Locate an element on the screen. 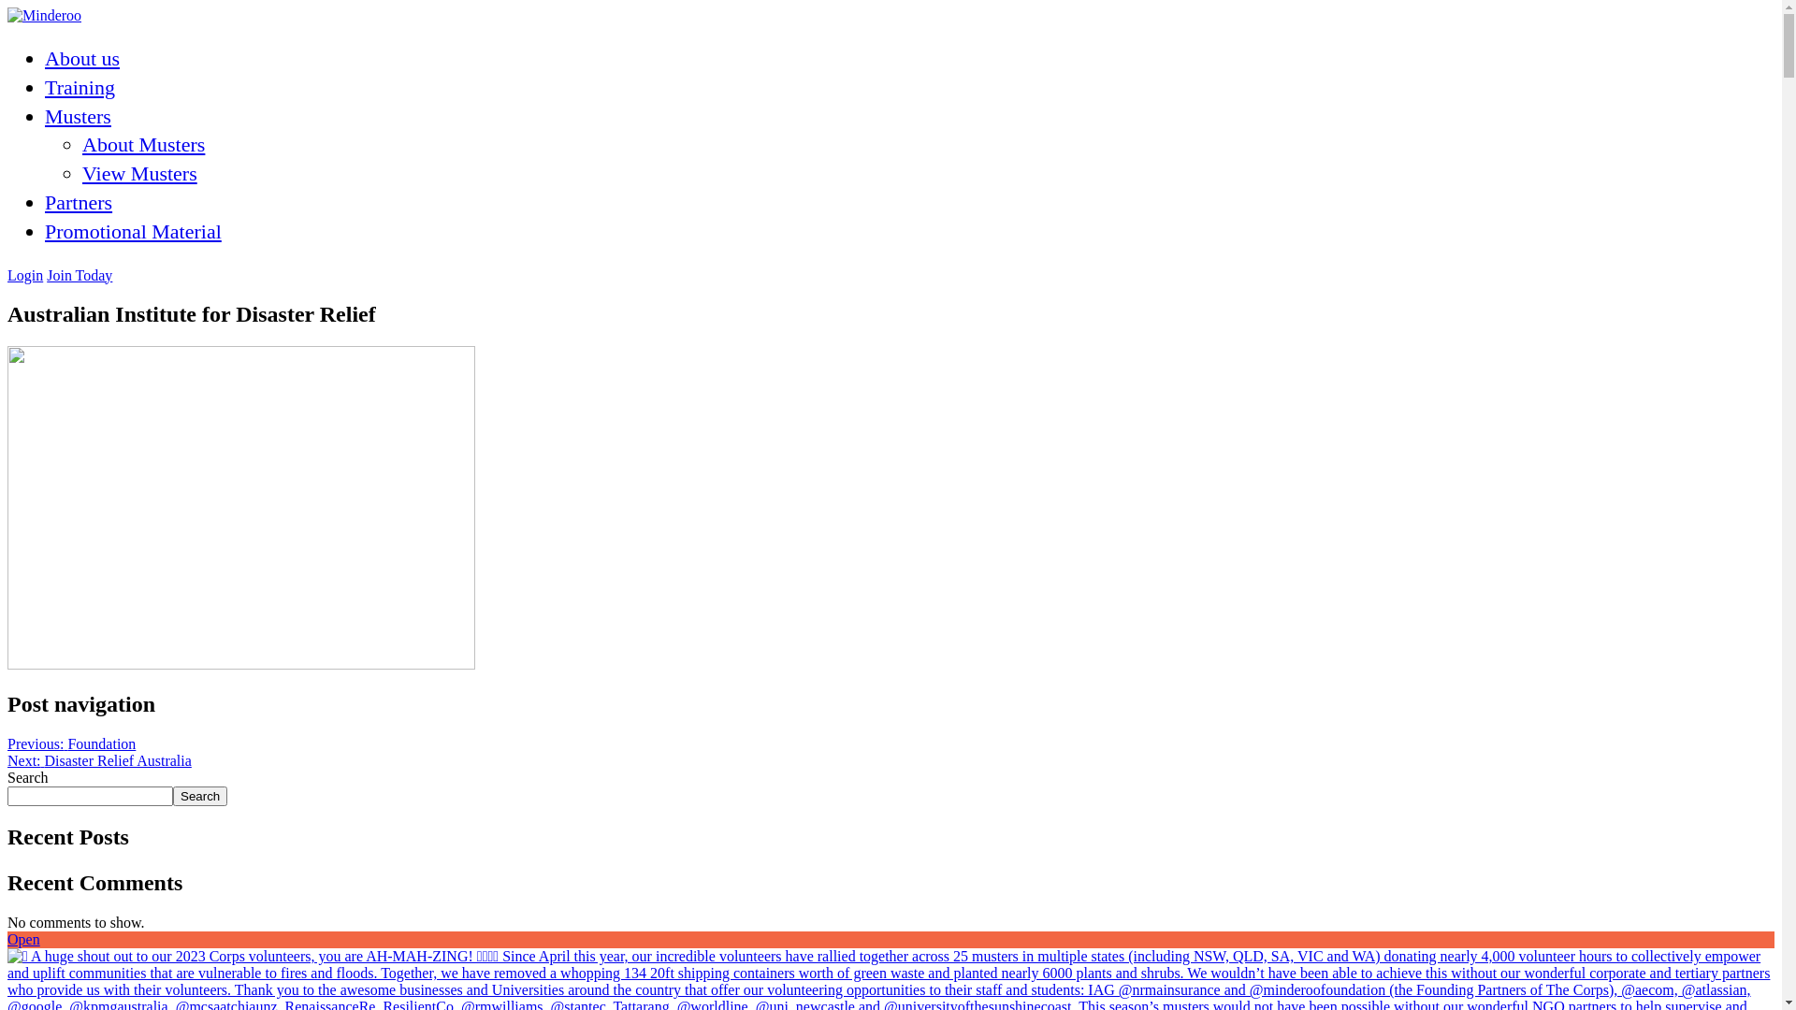 The image size is (1796, 1010). 'Login' is located at coordinates (25, 275).